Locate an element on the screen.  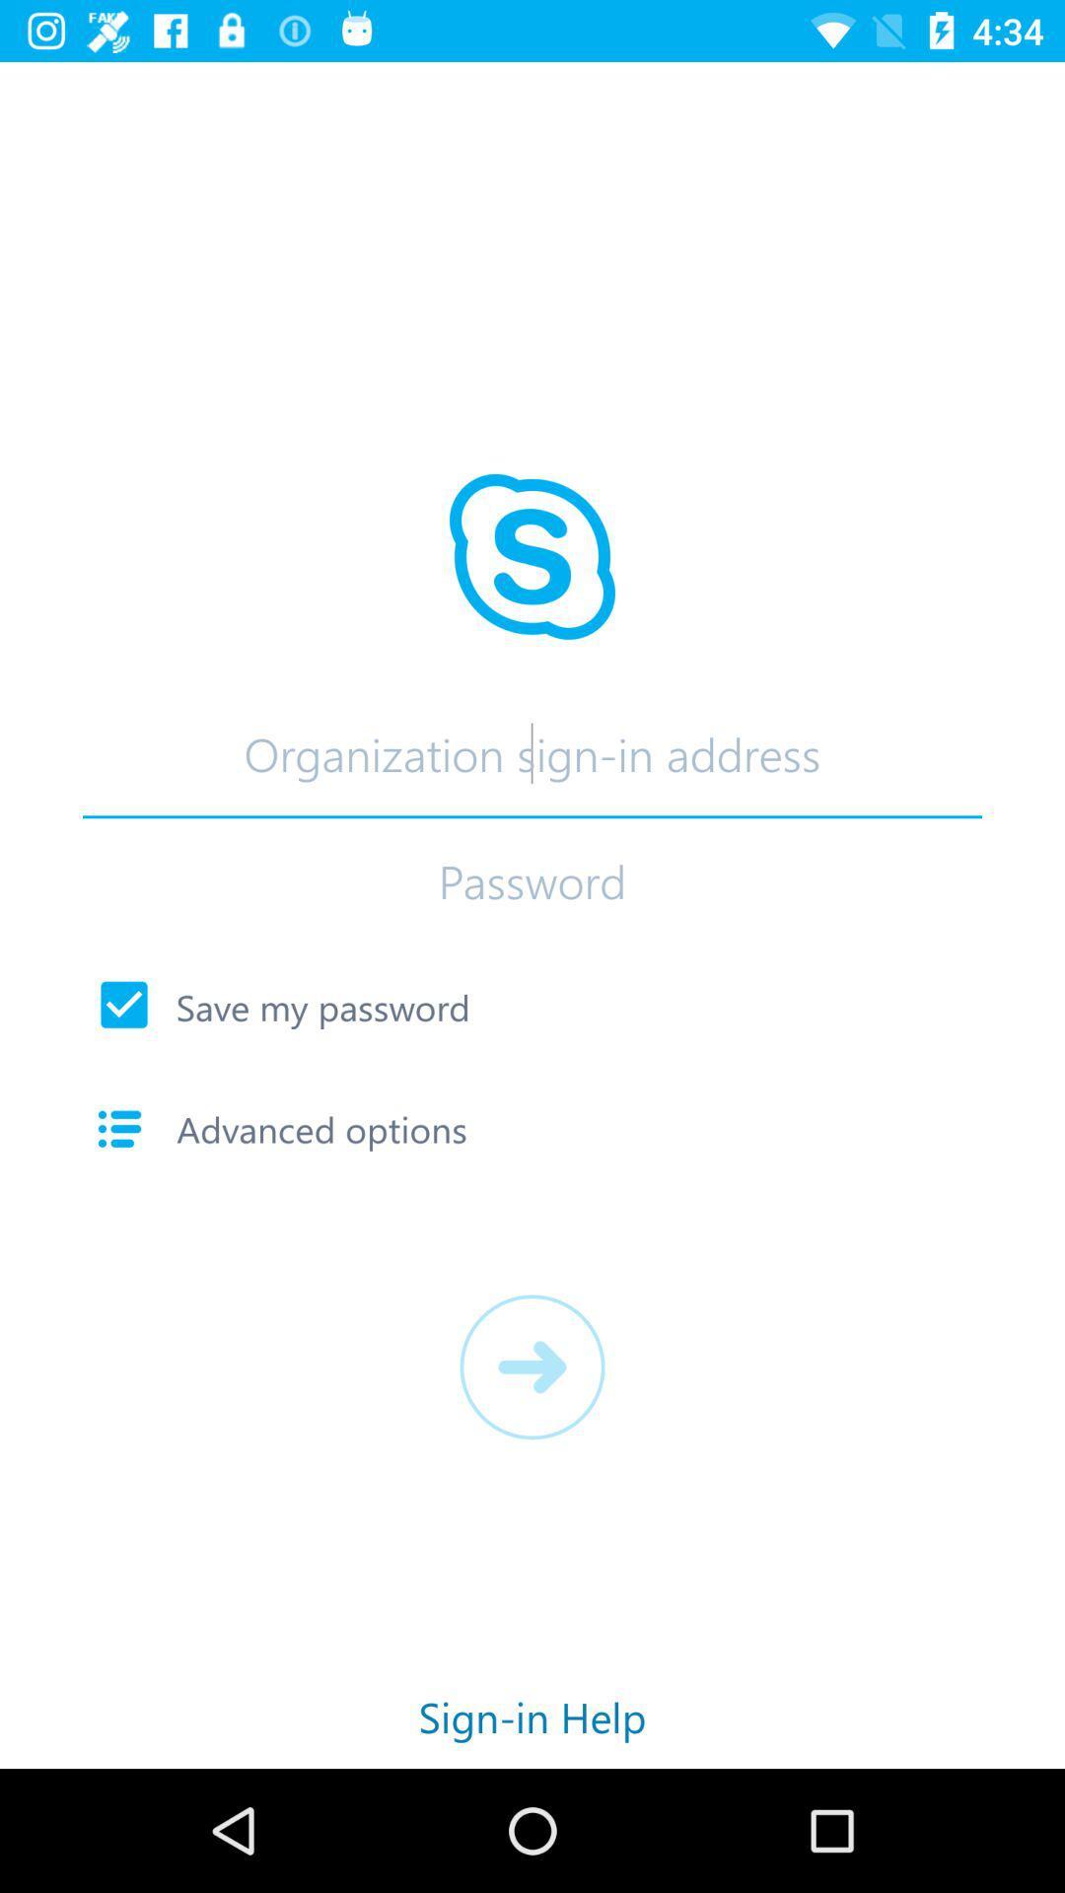
app below advanced options icon is located at coordinates (532, 1366).